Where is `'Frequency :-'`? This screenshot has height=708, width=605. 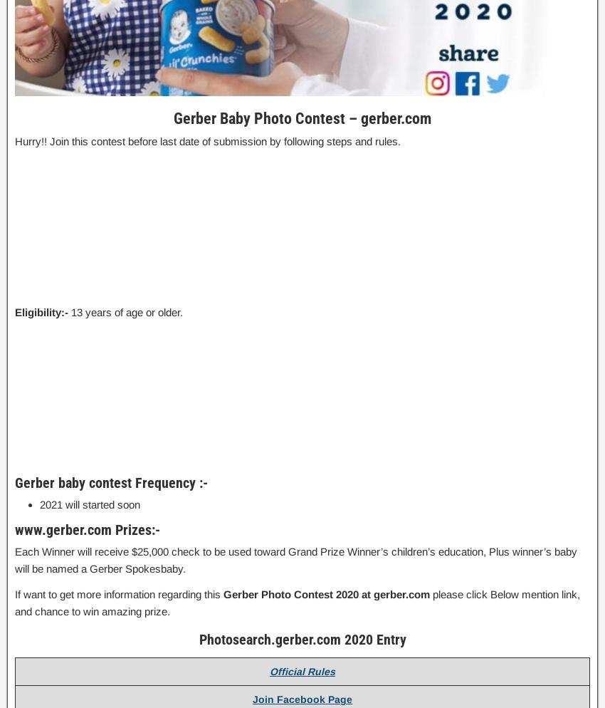
'Frequency :-' is located at coordinates (171, 481).